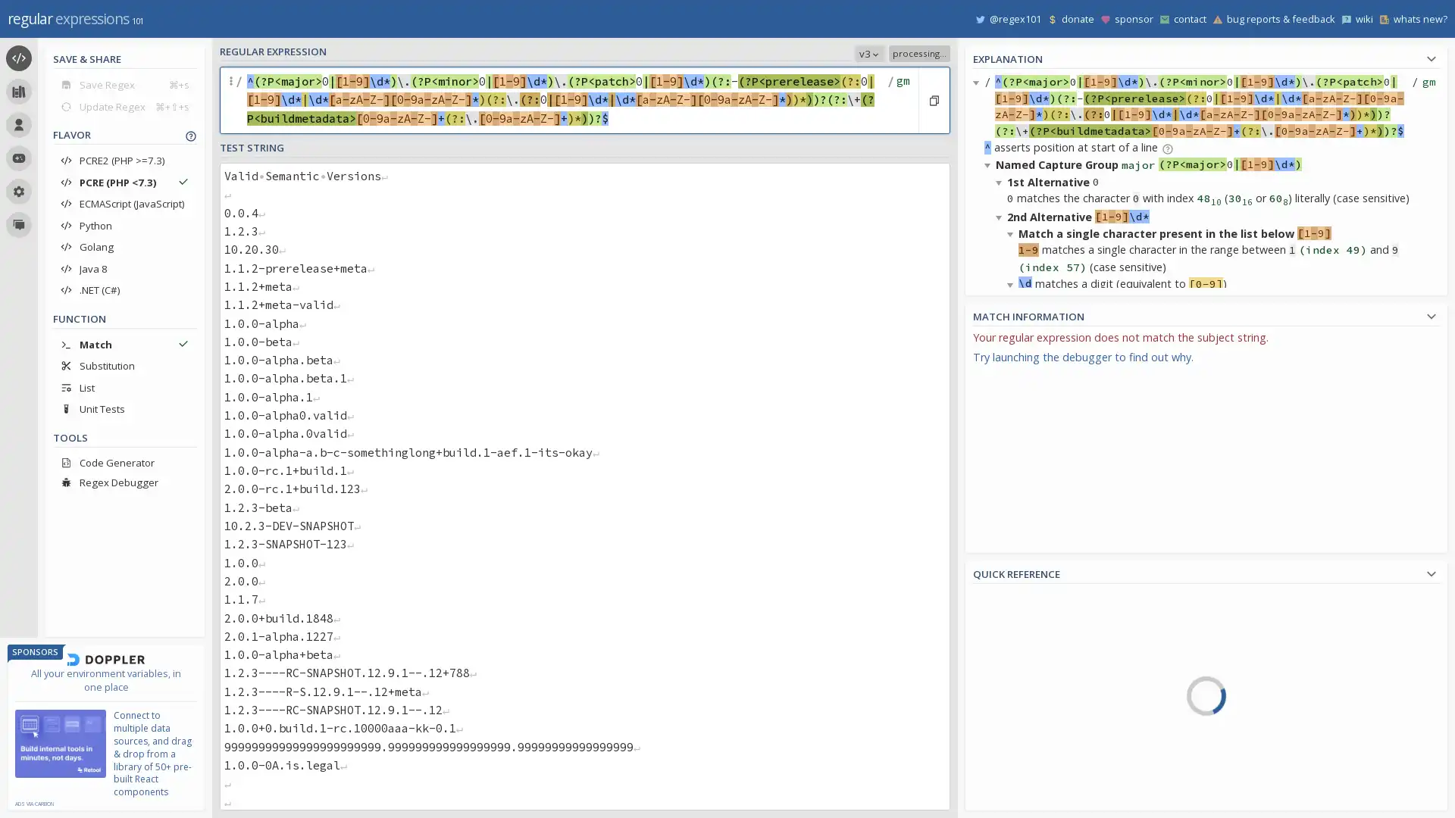 Image resolution: width=1455 pixels, height=818 pixels. I want to click on Collapse Subtree, so click(1012, 283).